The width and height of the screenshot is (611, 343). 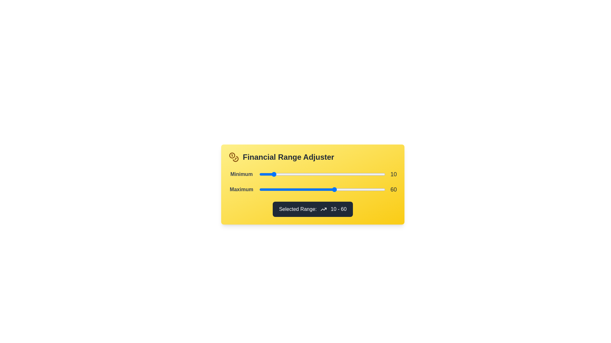 I want to click on the 'Maximum' range slider to 67, so click(x=343, y=189).